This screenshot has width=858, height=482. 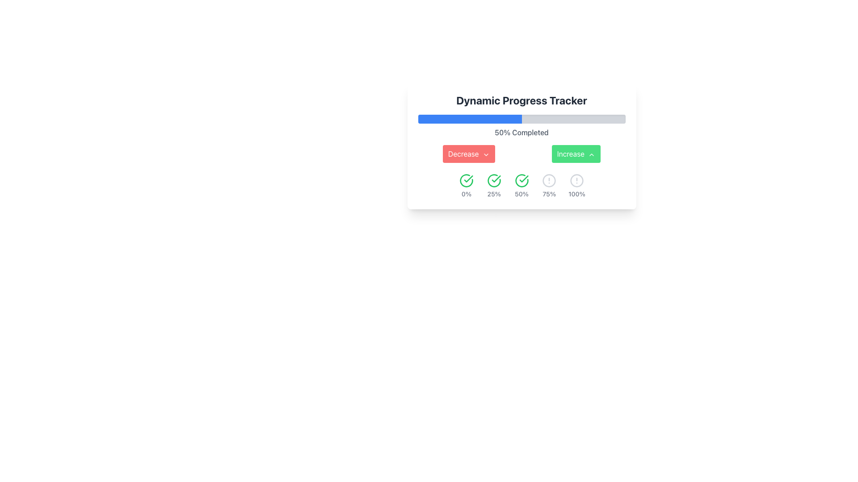 I want to click on the '50%' text below the green checkmark icon, which indicates a completed state, so click(x=522, y=185).